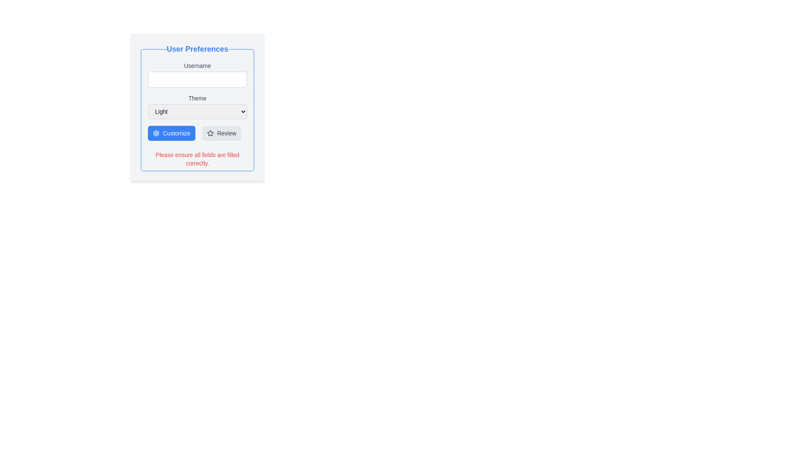 The image size is (800, 450). I want to click on the decorative icon in the user preferences section, which serves as an indicator of state or special status, so click(210, 132).